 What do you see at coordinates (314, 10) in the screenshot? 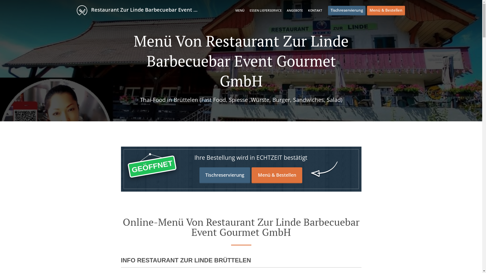
I see `'KONTAKT'` at bounding box center [314, 10].